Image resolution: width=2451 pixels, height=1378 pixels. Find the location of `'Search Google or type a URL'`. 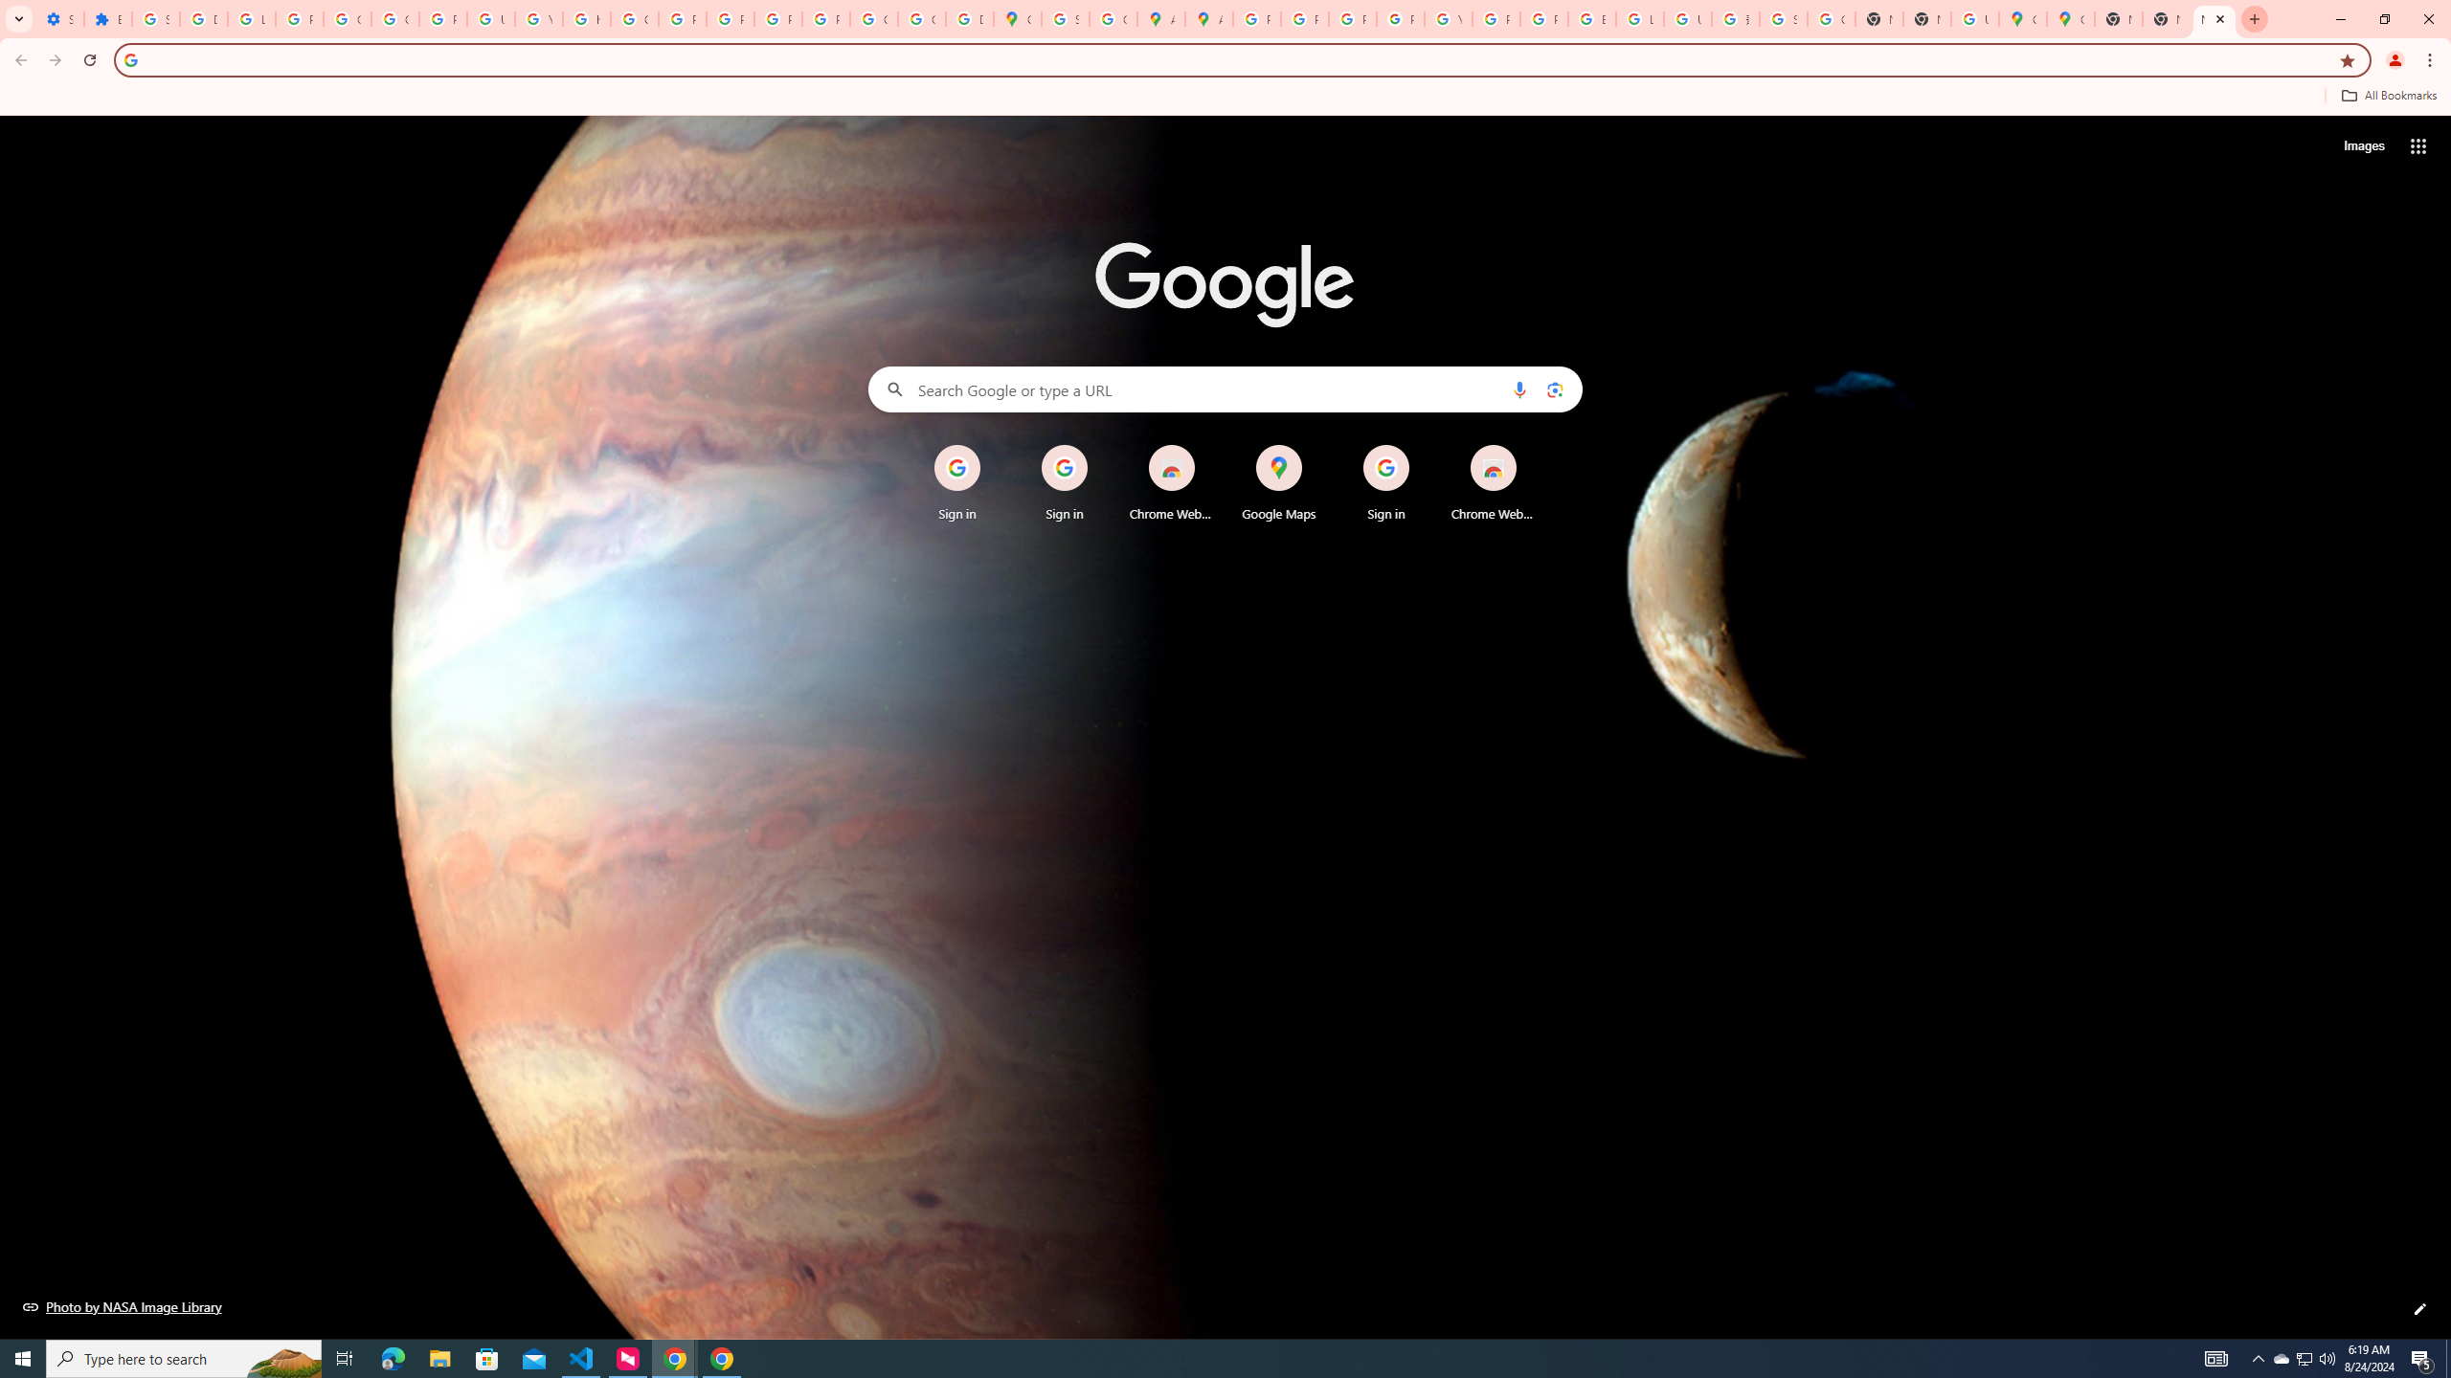

'Search Google or type a URL' is located at coordinates (1225, 388).